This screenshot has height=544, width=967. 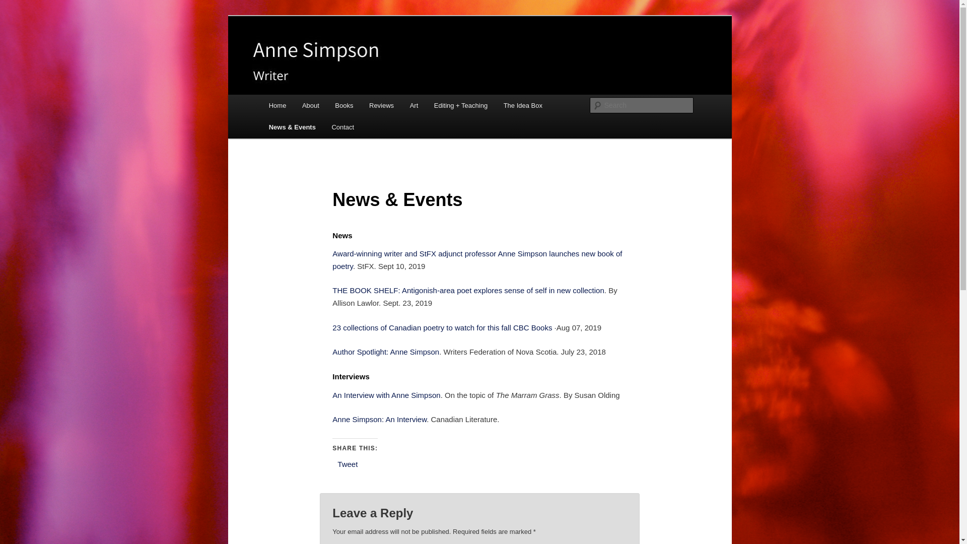 I want to click on 'Art', so click(x=413, y=105).